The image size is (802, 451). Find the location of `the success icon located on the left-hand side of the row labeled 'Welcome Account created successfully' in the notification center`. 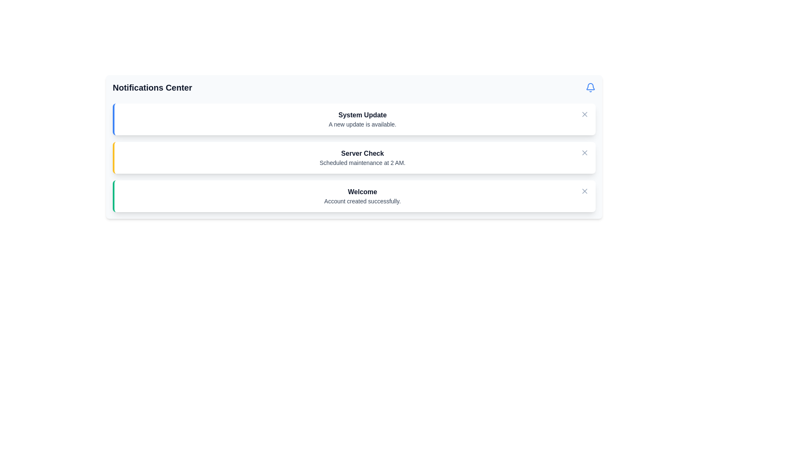

the success icon located on the left-hand side of the row labeled 'Welcome Account created successfully' in the notification center is located at coordinates (129, 195).